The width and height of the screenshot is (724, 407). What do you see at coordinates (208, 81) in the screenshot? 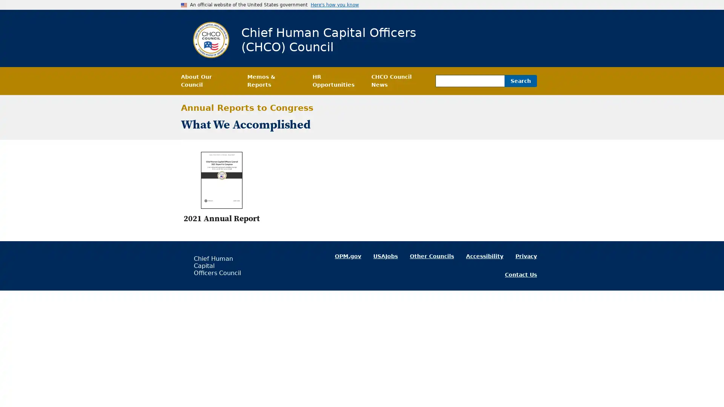
I see `About Our Council` at bounding box center [208, 81].